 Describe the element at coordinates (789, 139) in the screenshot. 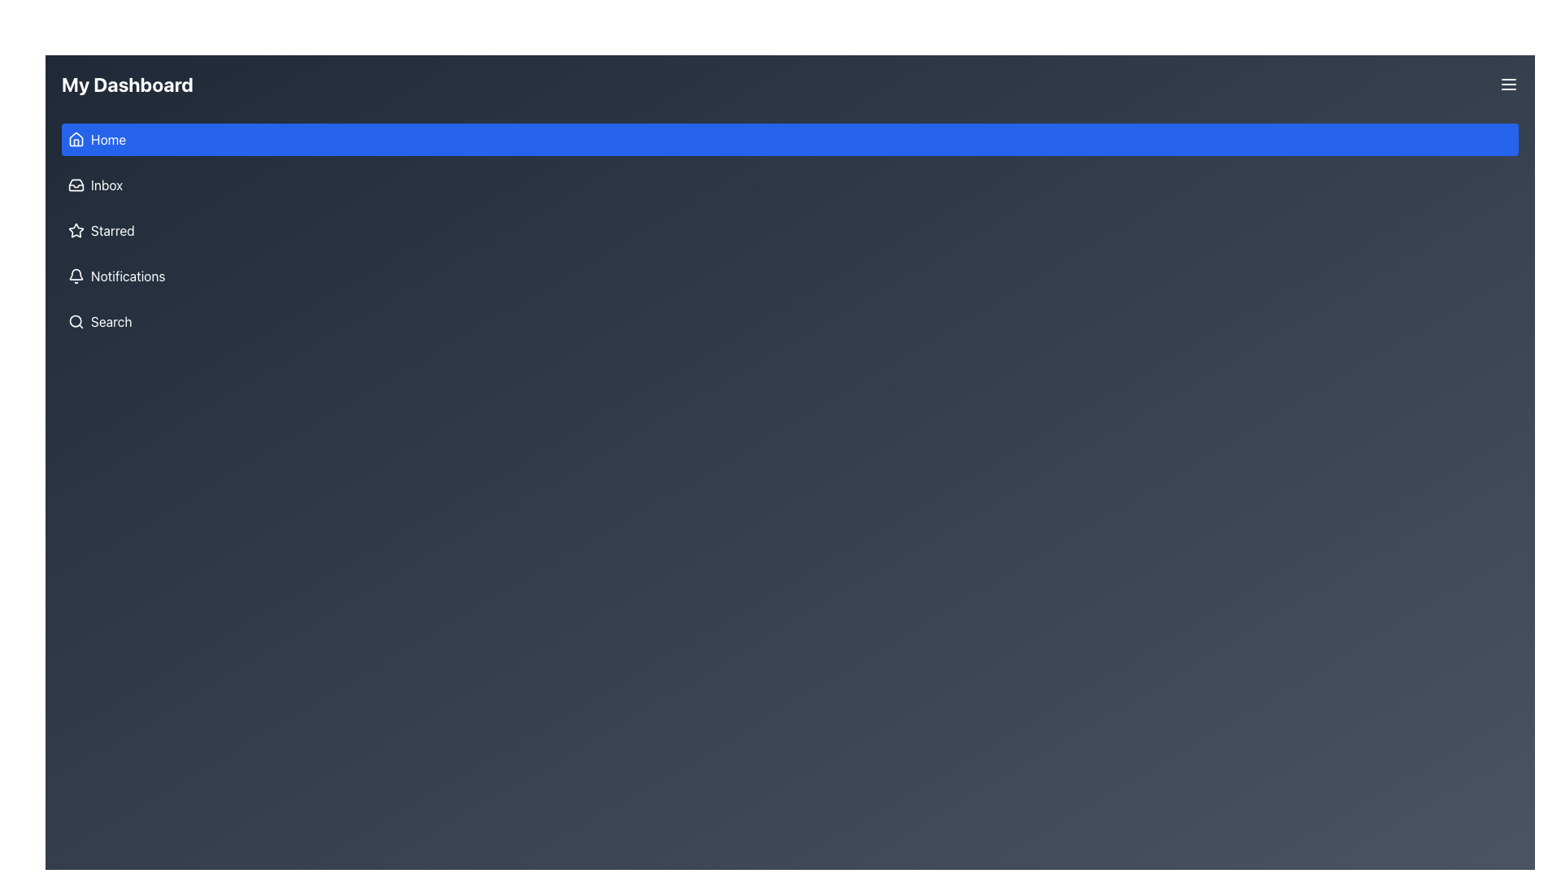

I see `the topmost button in the left-side menu` at that location.